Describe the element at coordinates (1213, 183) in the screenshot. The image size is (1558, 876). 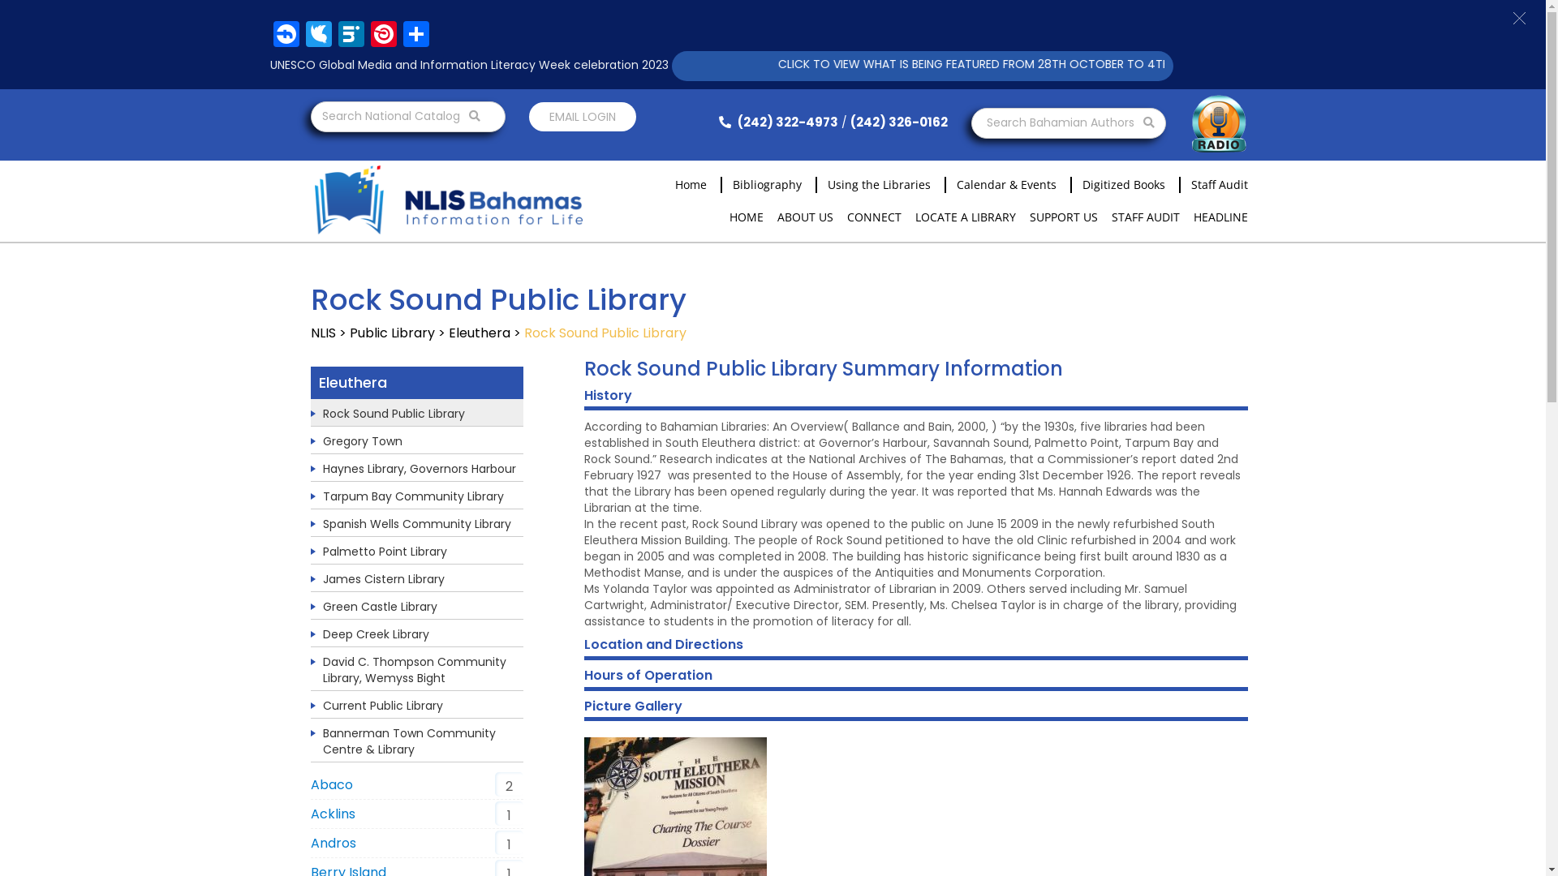
I see `'Staff Audit'` at that location.